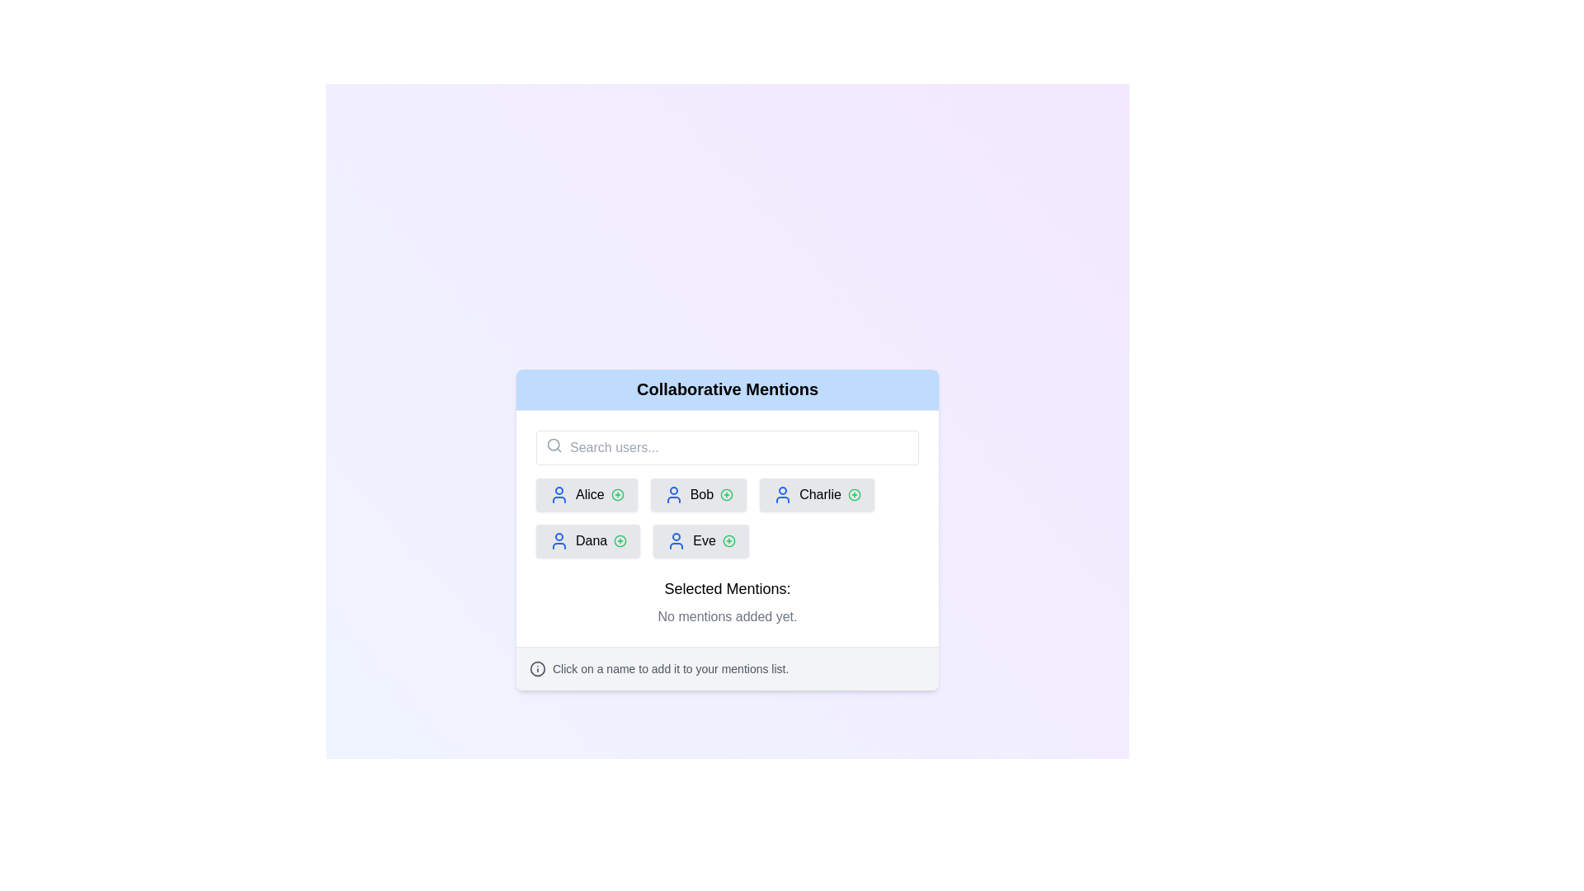 The width and height of the screenshot is (1584, 891). Describe the element at coordinates (620, 540) in the screenshot. I see `the button icon` at that location.